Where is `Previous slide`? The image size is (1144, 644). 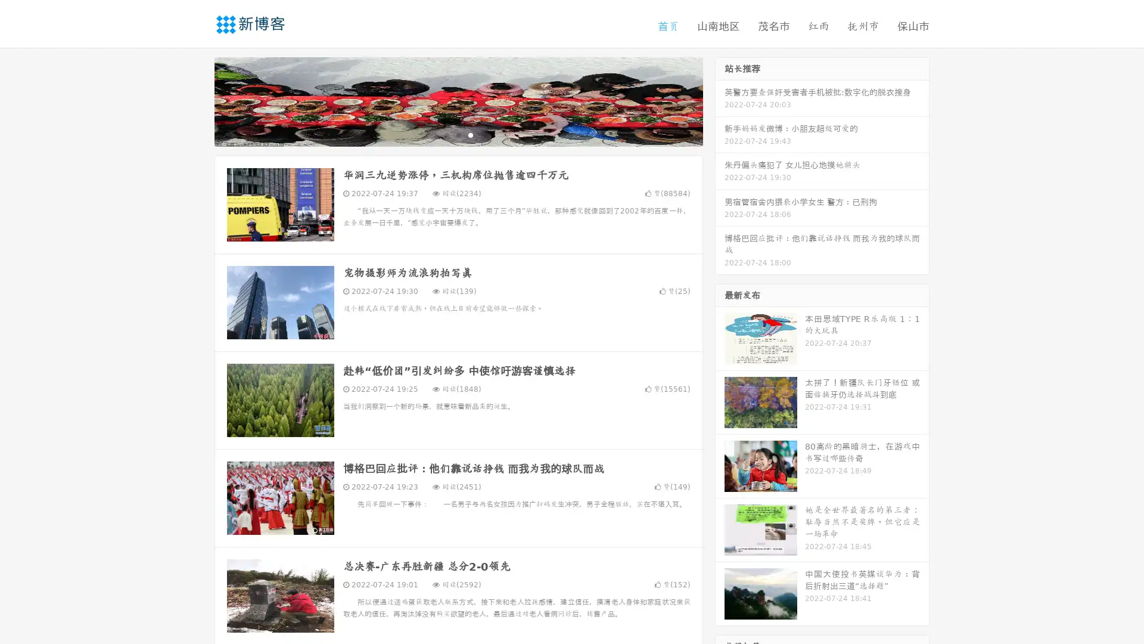 Previous slide is located at coordinates (197, 100).